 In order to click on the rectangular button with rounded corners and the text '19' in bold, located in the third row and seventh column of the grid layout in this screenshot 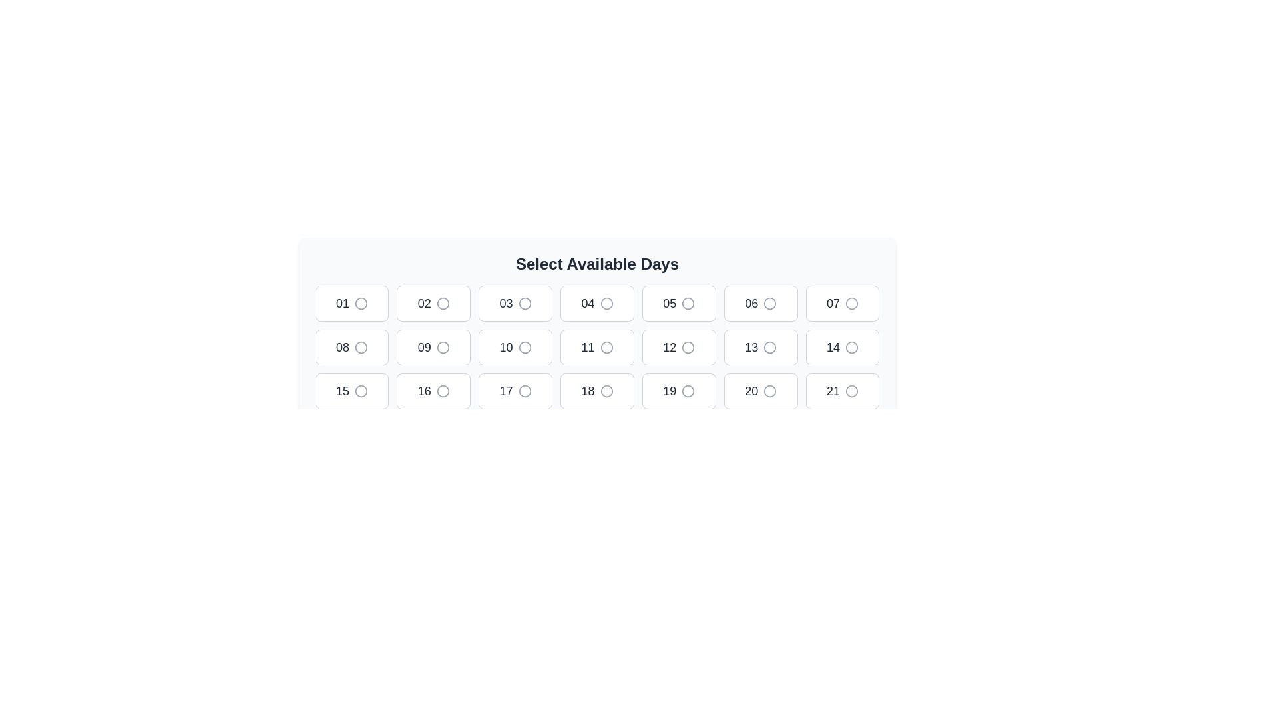, I will do `click(679, 390)`.